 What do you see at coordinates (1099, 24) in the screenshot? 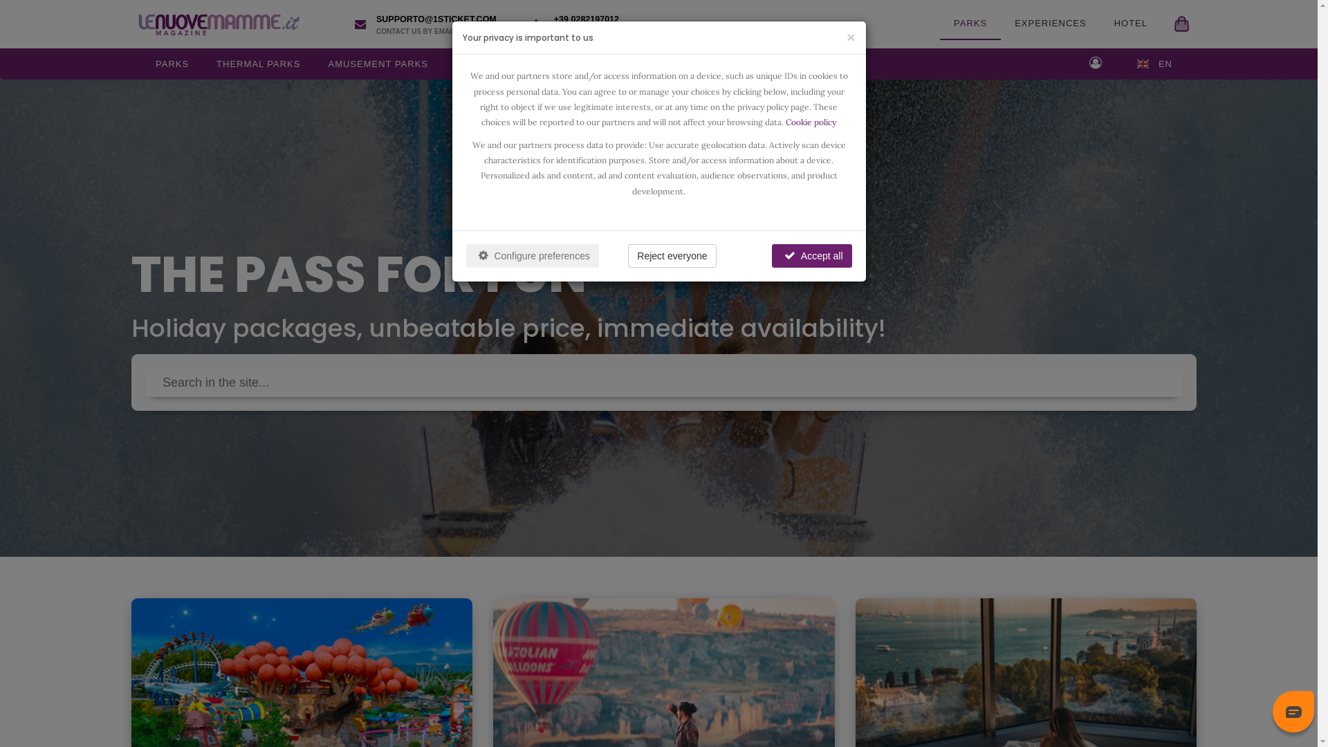
I see `'HOTEL'` at bounding box center [1099, 24].